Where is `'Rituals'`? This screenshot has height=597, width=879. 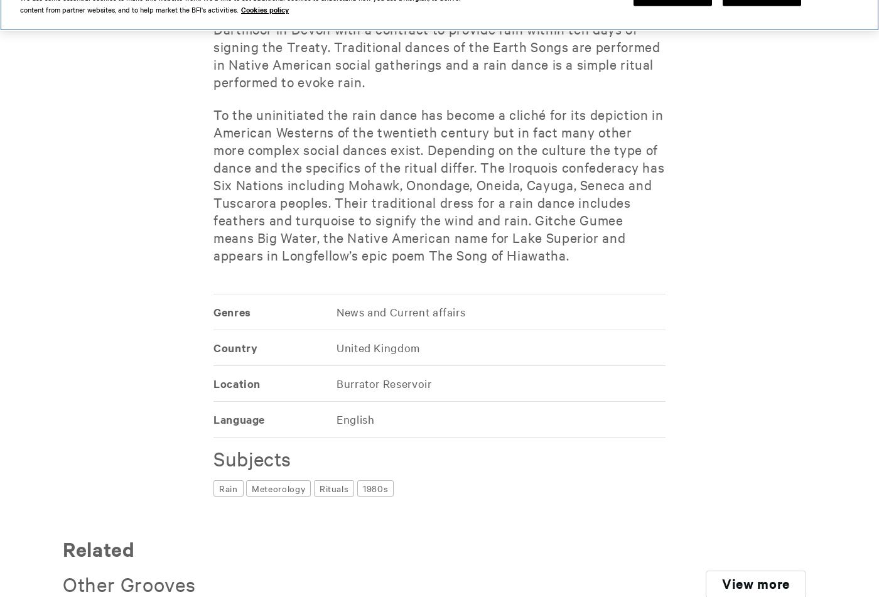 'Rituals' is located at coordinates (333, 488).